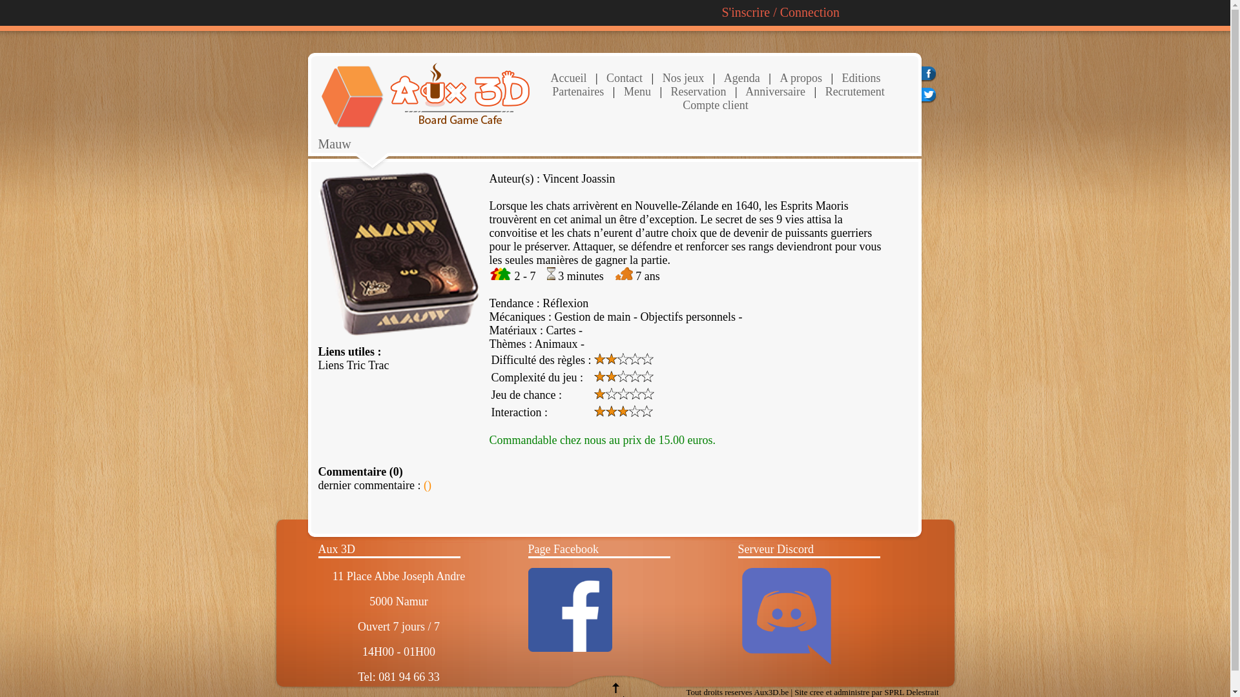 The width and height of the screenshot is (1240, 697). What do you see at coordinates (852, 91) in the screenshot?
I see `'Recrutement'` at bounding box center [852, 91].